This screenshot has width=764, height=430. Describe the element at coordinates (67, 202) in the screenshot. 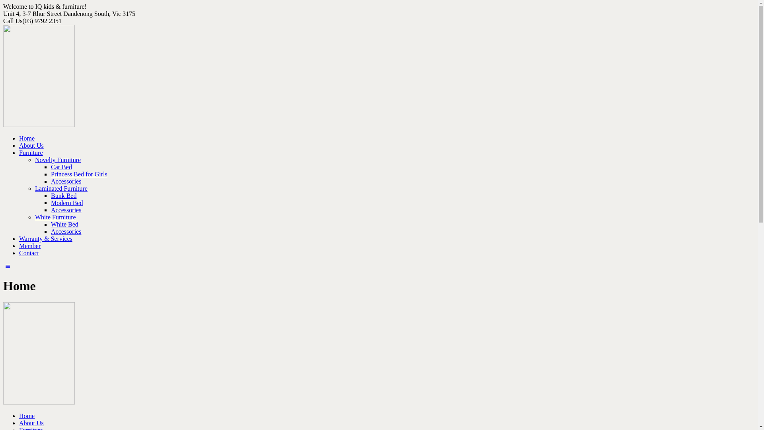

I see `'Modern Bed'` at that location.